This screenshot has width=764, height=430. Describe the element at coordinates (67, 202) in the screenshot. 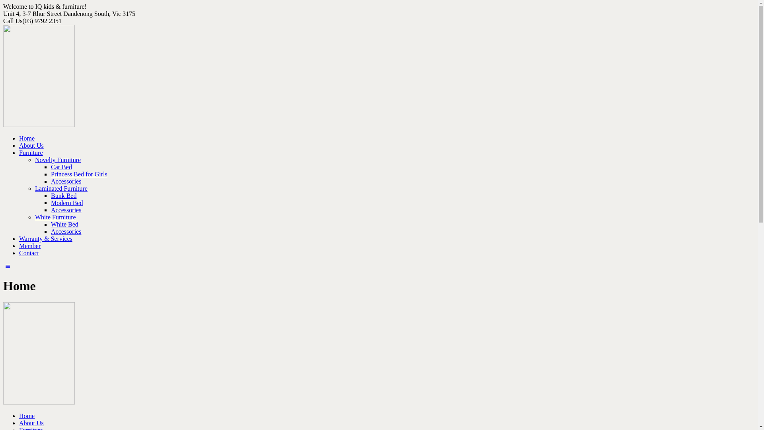

I see `'Modern Bed'` at that location.